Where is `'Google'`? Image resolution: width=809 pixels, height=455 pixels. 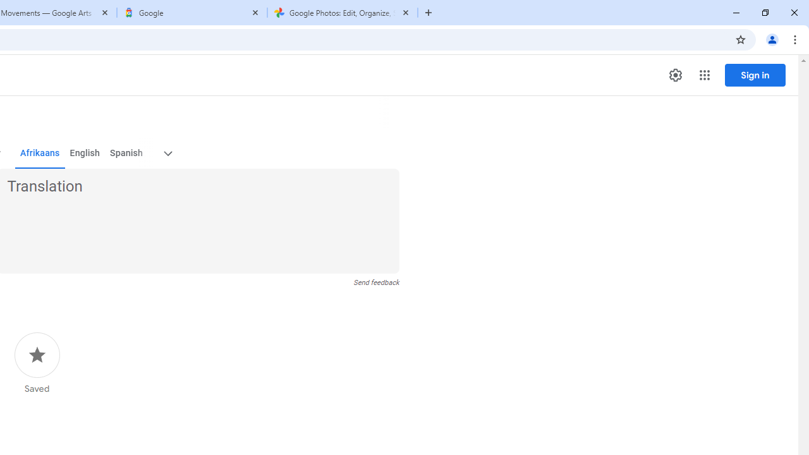
'Google' is located at coordinates (192, 13).